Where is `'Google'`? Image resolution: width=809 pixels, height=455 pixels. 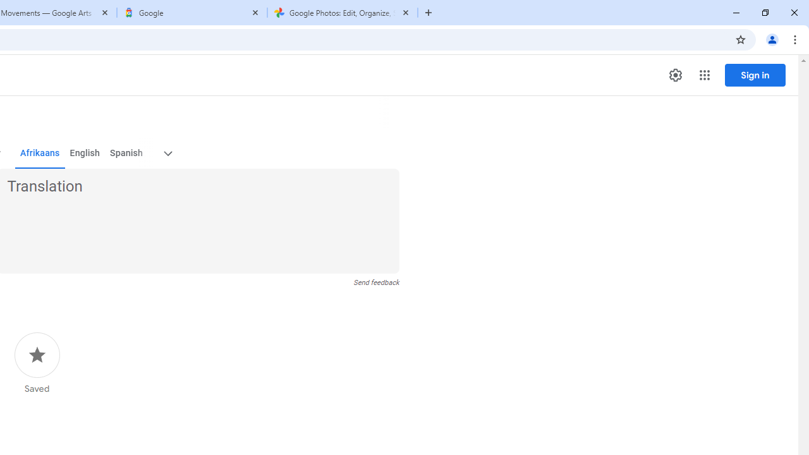
'Google' is located at coordinates (192, 13).